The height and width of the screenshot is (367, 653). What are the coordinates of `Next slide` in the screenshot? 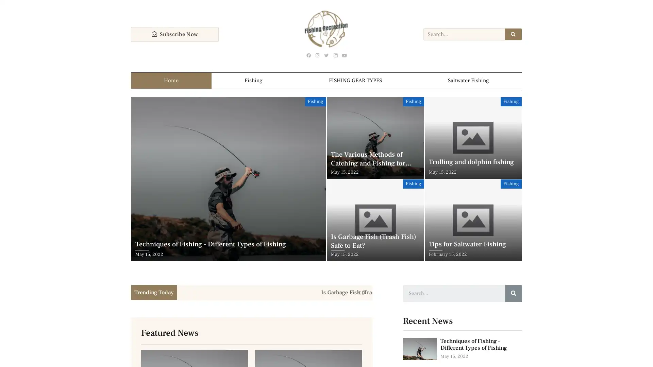 It's located at (364, 292).